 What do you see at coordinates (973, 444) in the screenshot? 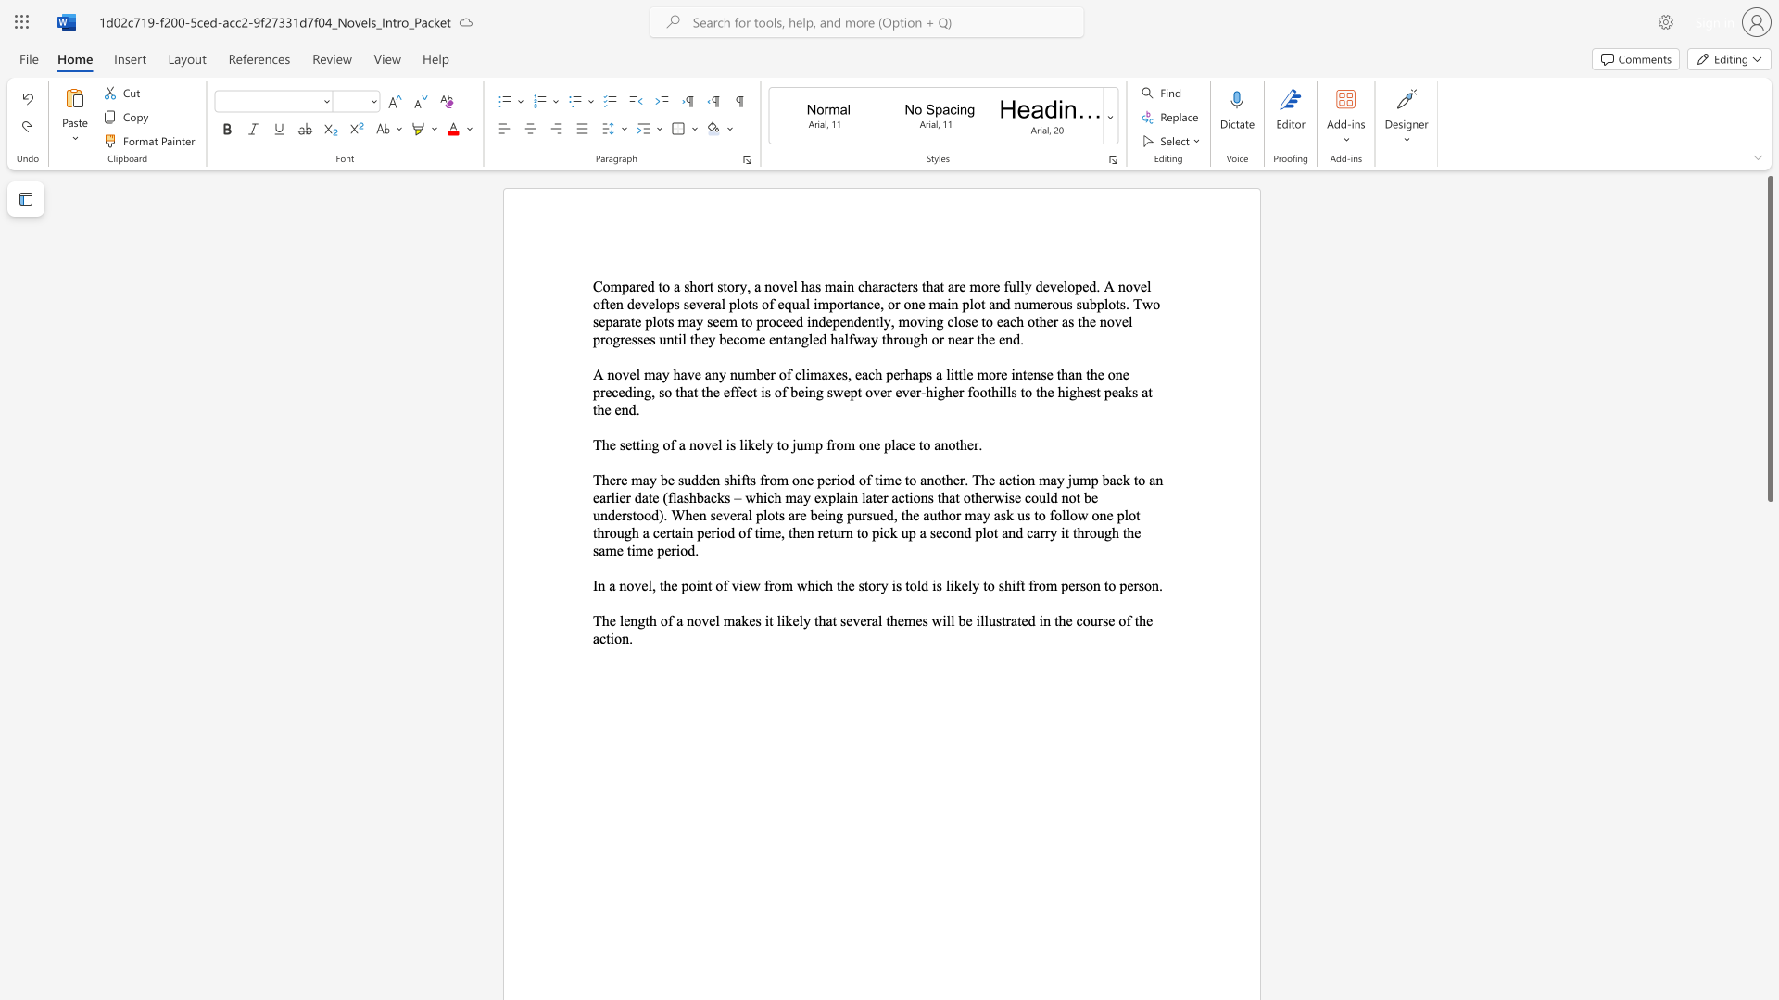
I see `the subset text "r." within the text "The setting of a novel is likely to jump from one place to another."` at bounding box center [973, 444].